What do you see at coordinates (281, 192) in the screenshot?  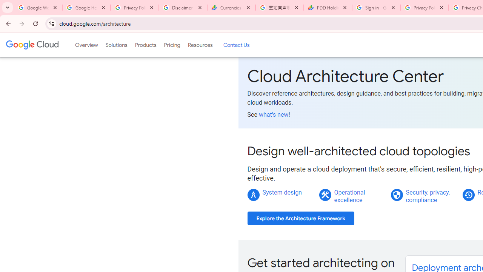 I see `'System design'` at bounding box center [281, 192].